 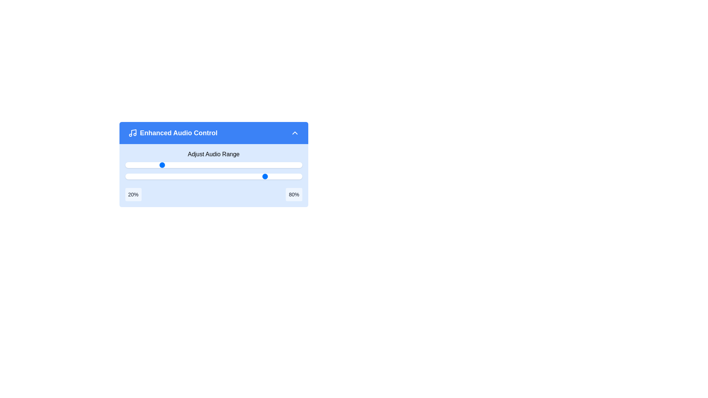 What do you see at coordinates (245, 164) in the screenshot?
I see `the slider value` at bounding box center [245, 164].